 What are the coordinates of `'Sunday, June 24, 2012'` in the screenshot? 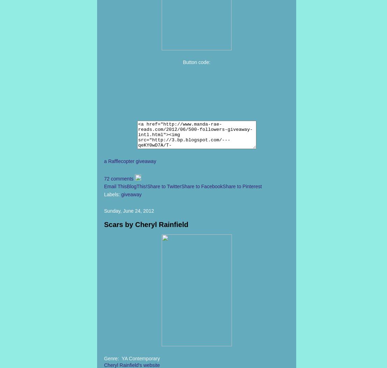 It's located at (128, 211).